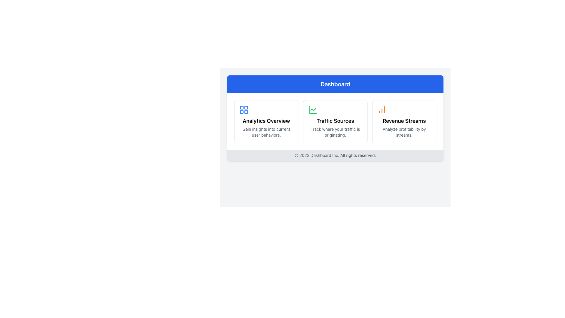 This screenshot has height=318, width=565. Describe the element at coordinates (335, 155) in the screenshot. I see `the text label that reads '© 2023 Dashboard Inc. All rights reserved.' which is centrally aligned at the bottom of the interface with a light gray background` at that location.